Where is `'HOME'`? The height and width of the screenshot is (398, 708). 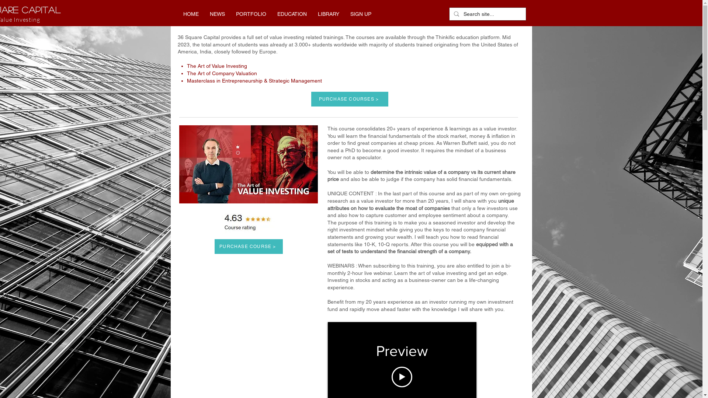
'HOME' is located at coordinates (177, 14).